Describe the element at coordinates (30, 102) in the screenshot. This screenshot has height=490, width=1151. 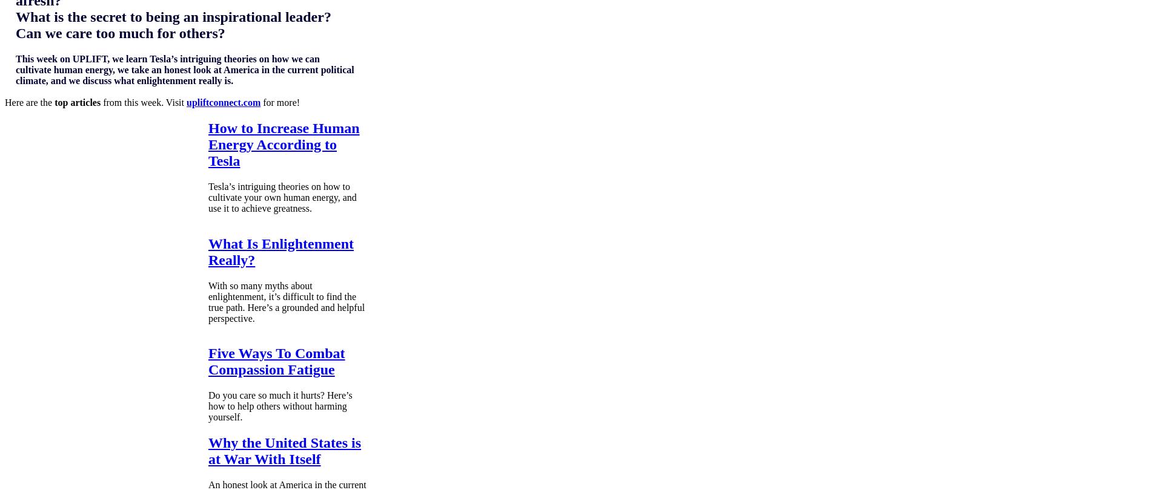
I see `'Here are the'` at that location.